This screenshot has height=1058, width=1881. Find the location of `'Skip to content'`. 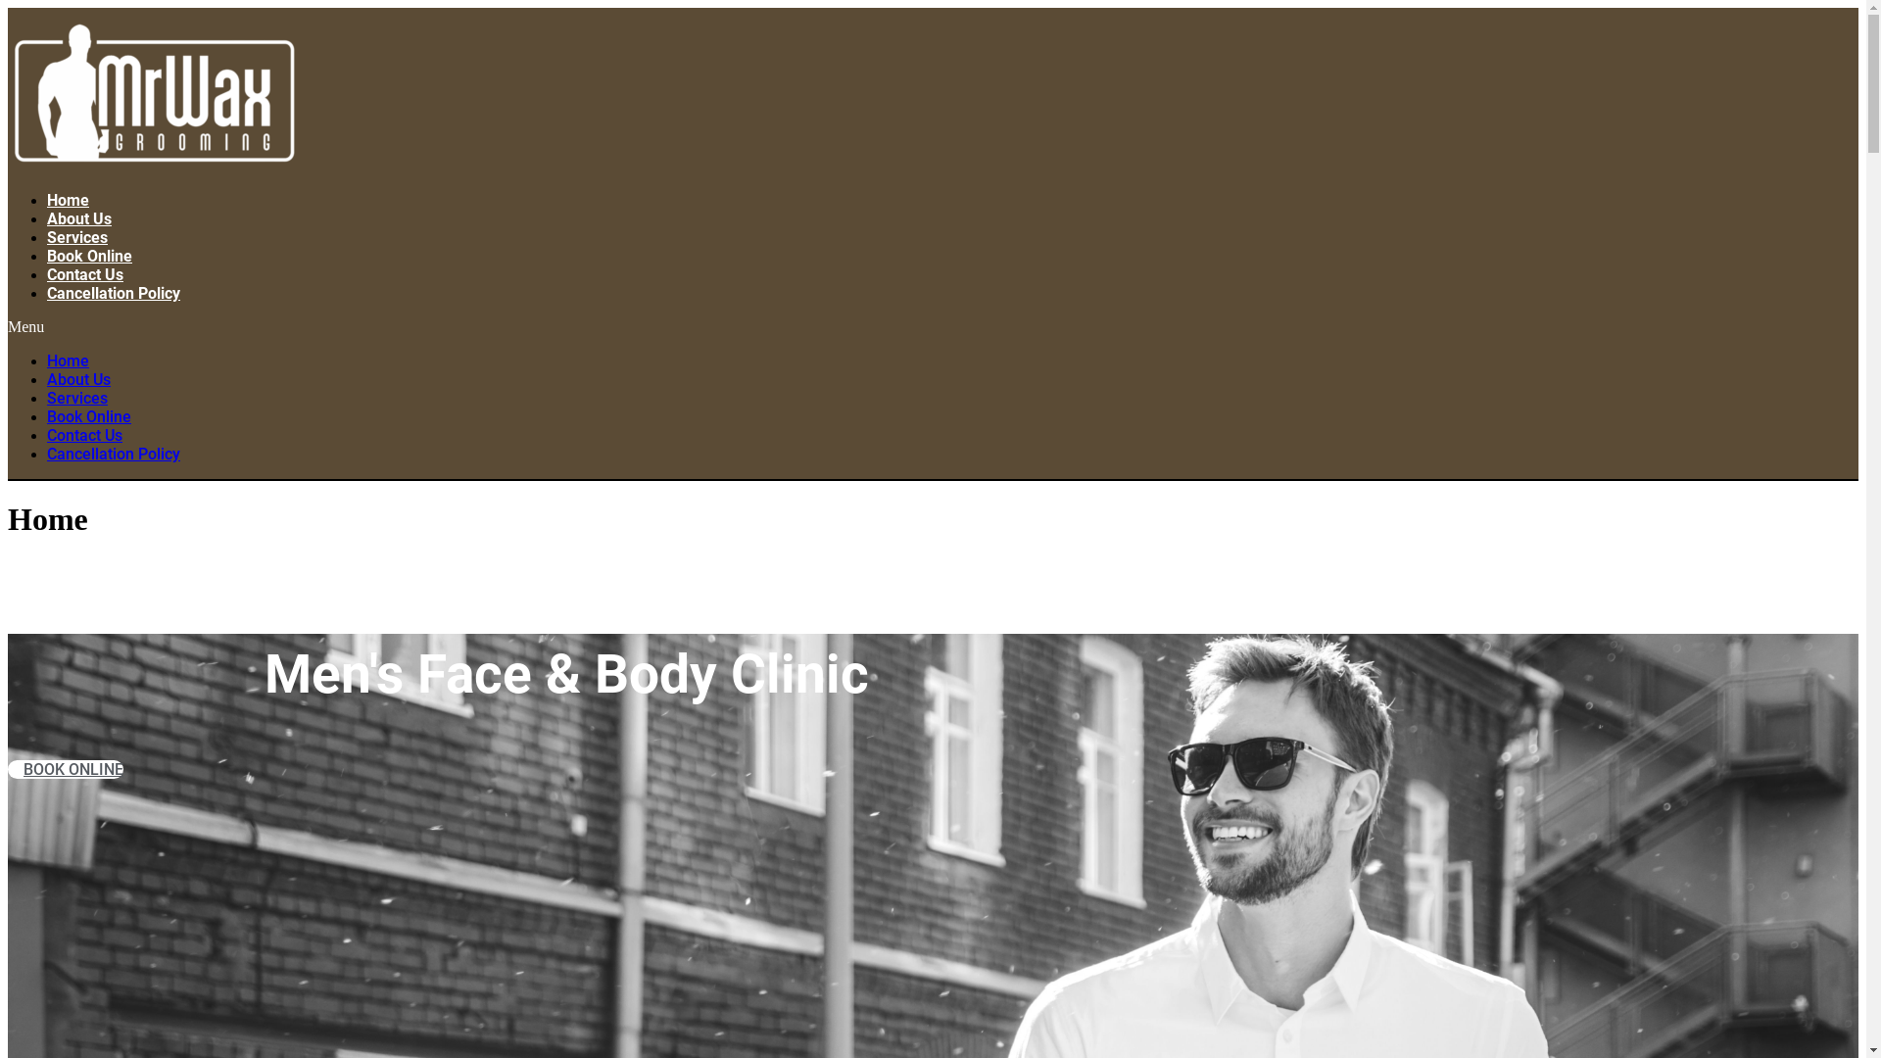

'Skip to content' is located at coordinates (7, 7).